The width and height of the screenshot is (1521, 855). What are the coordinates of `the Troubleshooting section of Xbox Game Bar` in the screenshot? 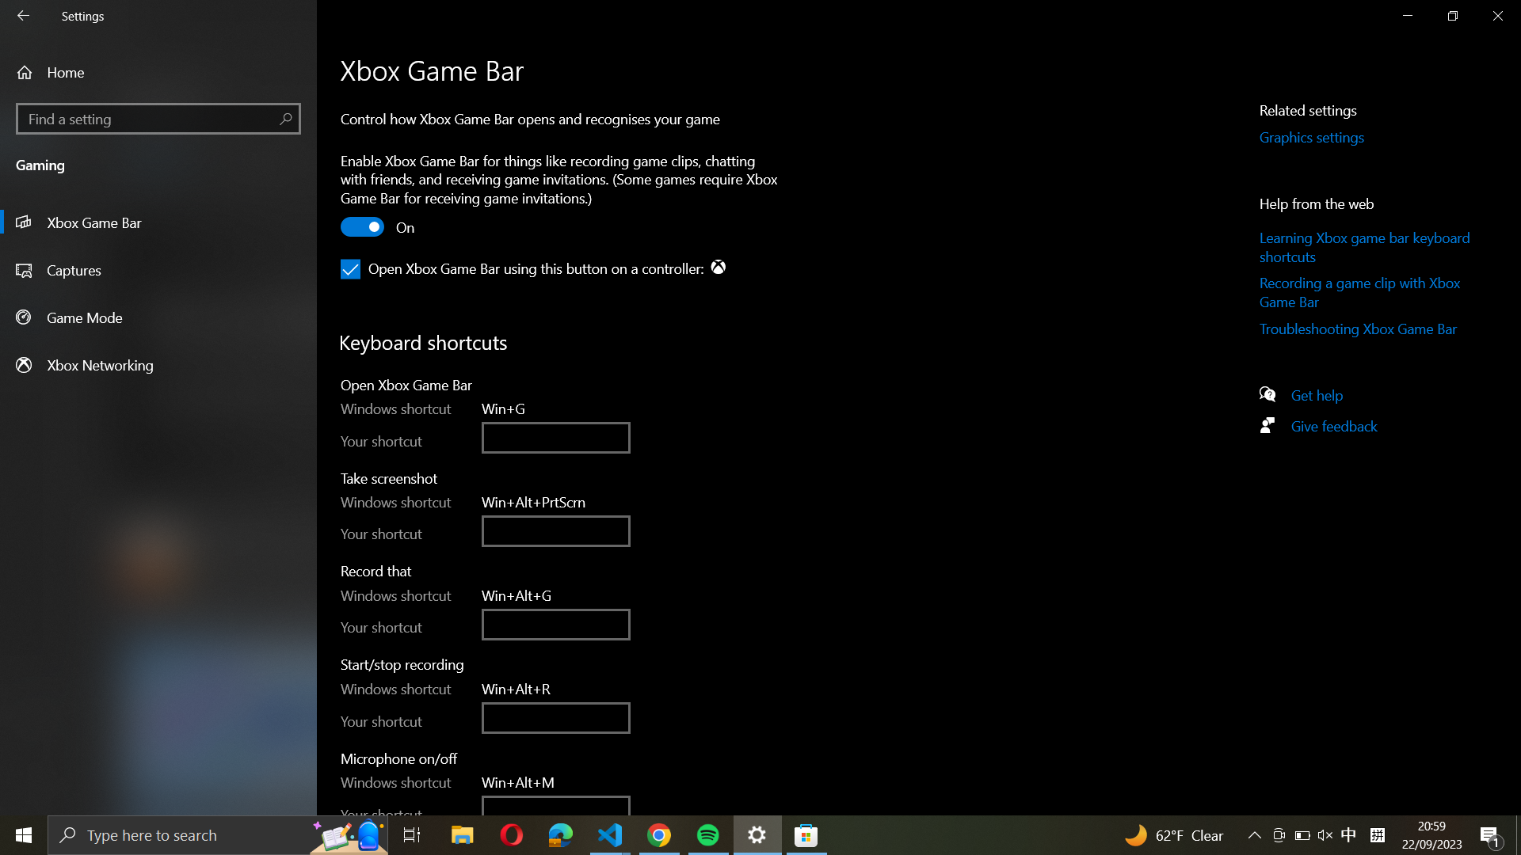 It's located at (1367, 331).